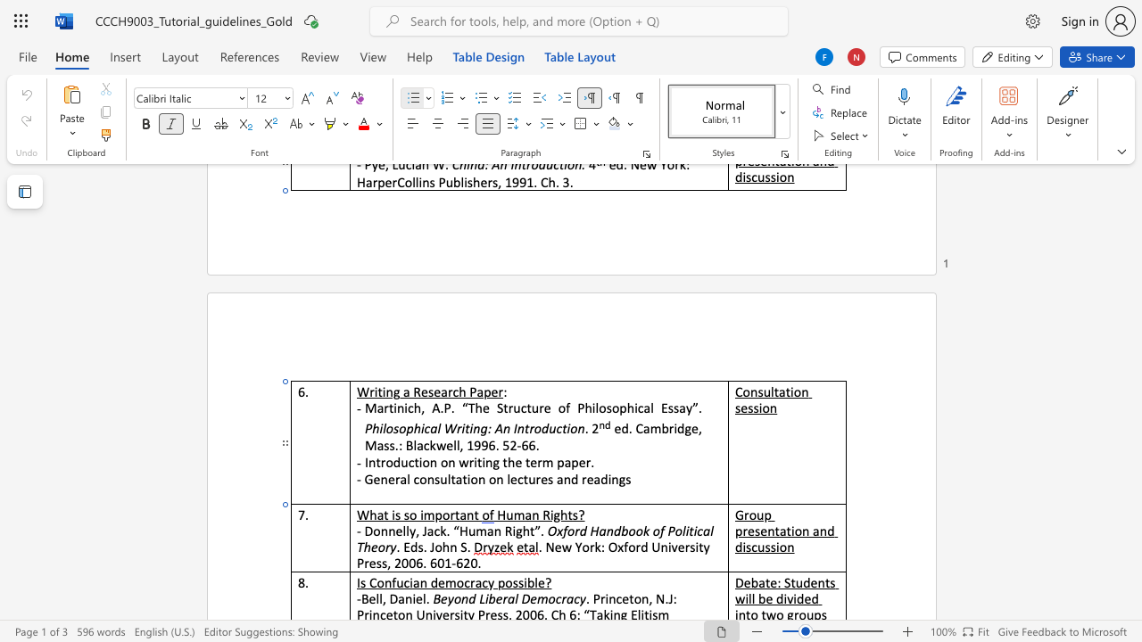 The width and height of the screenshot is (1142, 642). I want to click on the 3th character "t" in the text, so click(525, 478).